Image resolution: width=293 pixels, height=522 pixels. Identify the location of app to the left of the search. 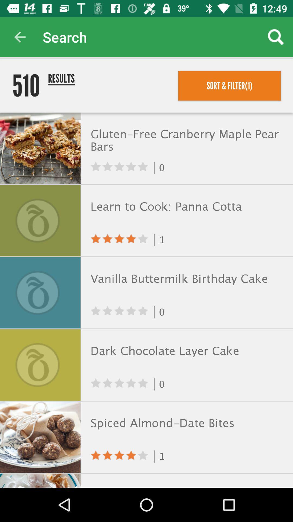
(20, 37).